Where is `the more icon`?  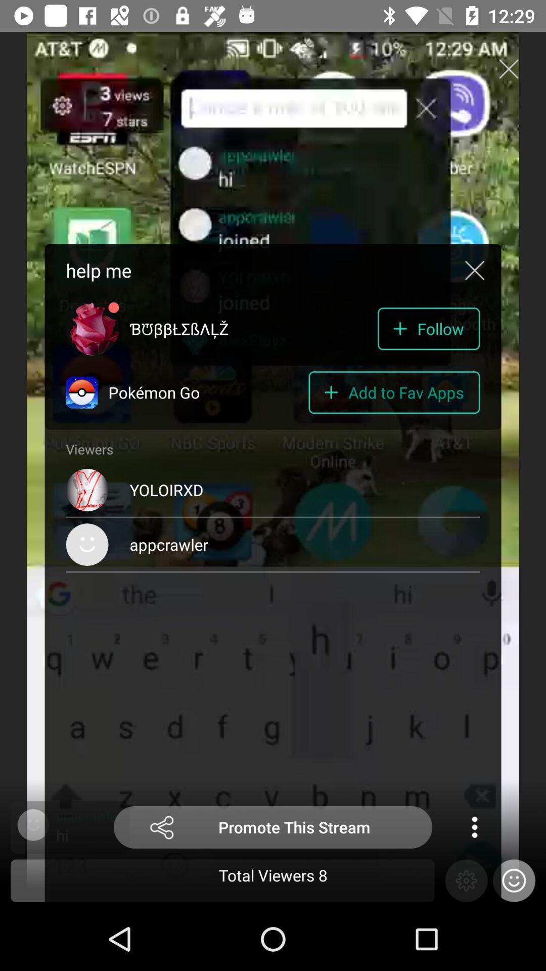 the more icon is located at coordinates (474, 827).